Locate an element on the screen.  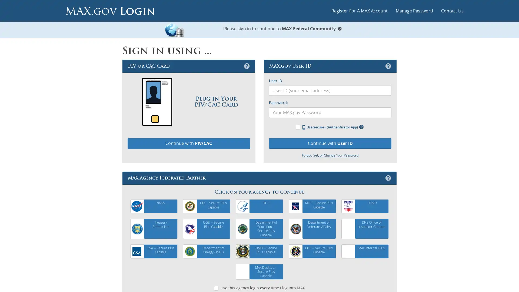
MAX.gov User ID is located at coordinates (388, 65).